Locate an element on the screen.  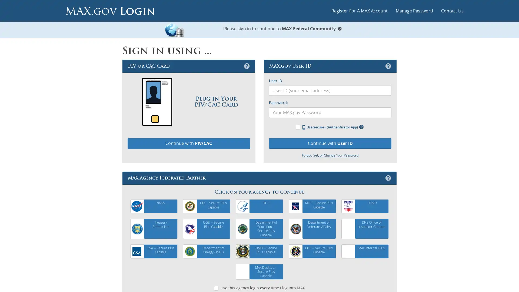
MAX.gov User ID is located at coordinates (388, 65).